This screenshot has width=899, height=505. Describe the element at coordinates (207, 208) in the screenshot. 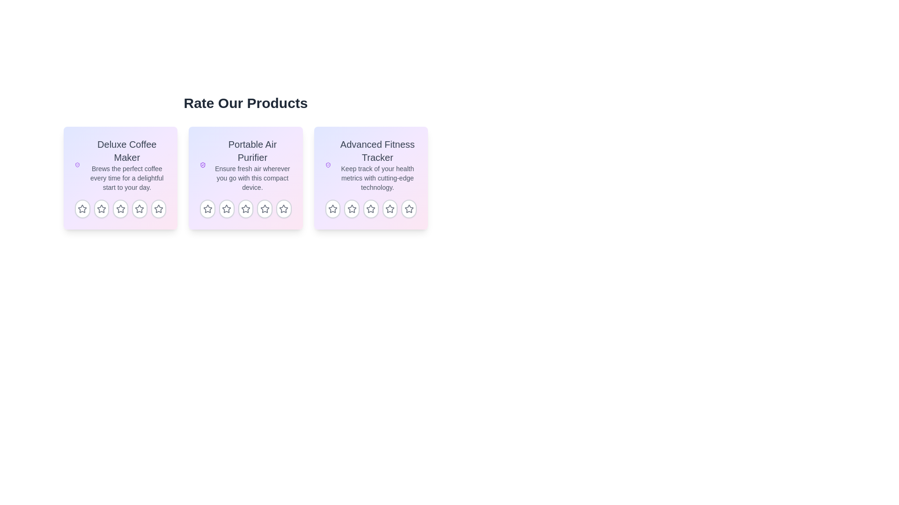

I see `the first rating star icon in the rating row of the 'Portable Air Purifier' product card` at that location.